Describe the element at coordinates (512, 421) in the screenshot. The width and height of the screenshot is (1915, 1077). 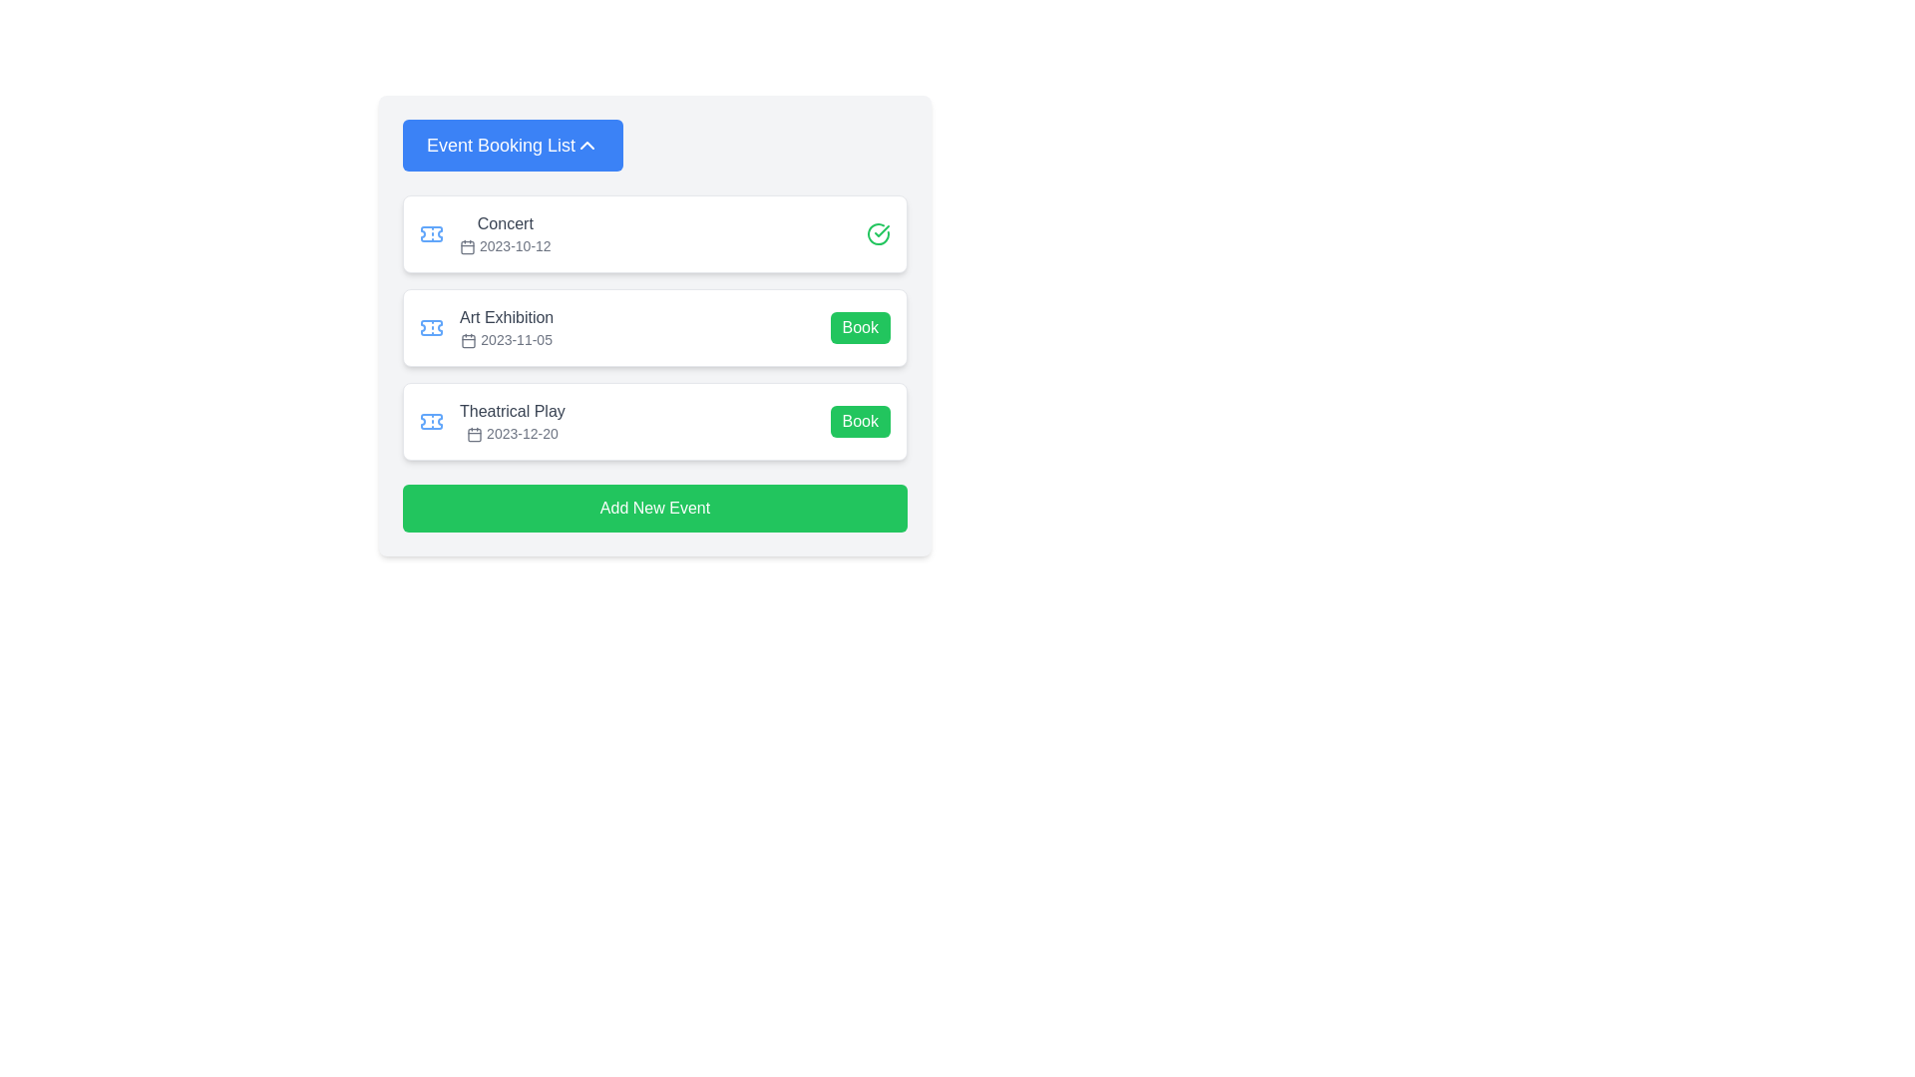
I see `the Text display component with icon that shows 'Theatrical Play' and '2023-12-20', located in the third row of the 'Event Booking List' card layout` at that location.